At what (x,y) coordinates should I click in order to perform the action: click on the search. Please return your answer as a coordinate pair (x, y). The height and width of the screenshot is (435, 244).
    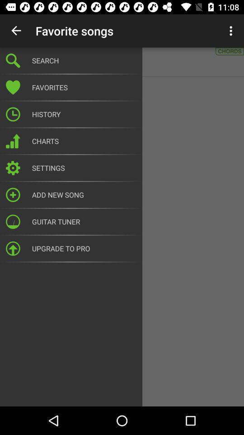
    Looking at the image, I should click on (84, 60).